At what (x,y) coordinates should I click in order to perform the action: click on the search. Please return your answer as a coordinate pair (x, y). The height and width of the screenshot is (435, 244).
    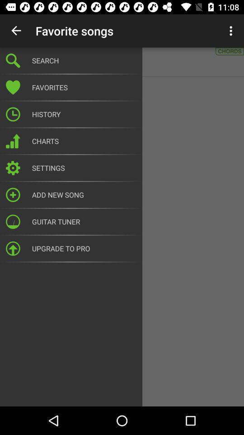
    Looking at the image, I should click on (84, 60).